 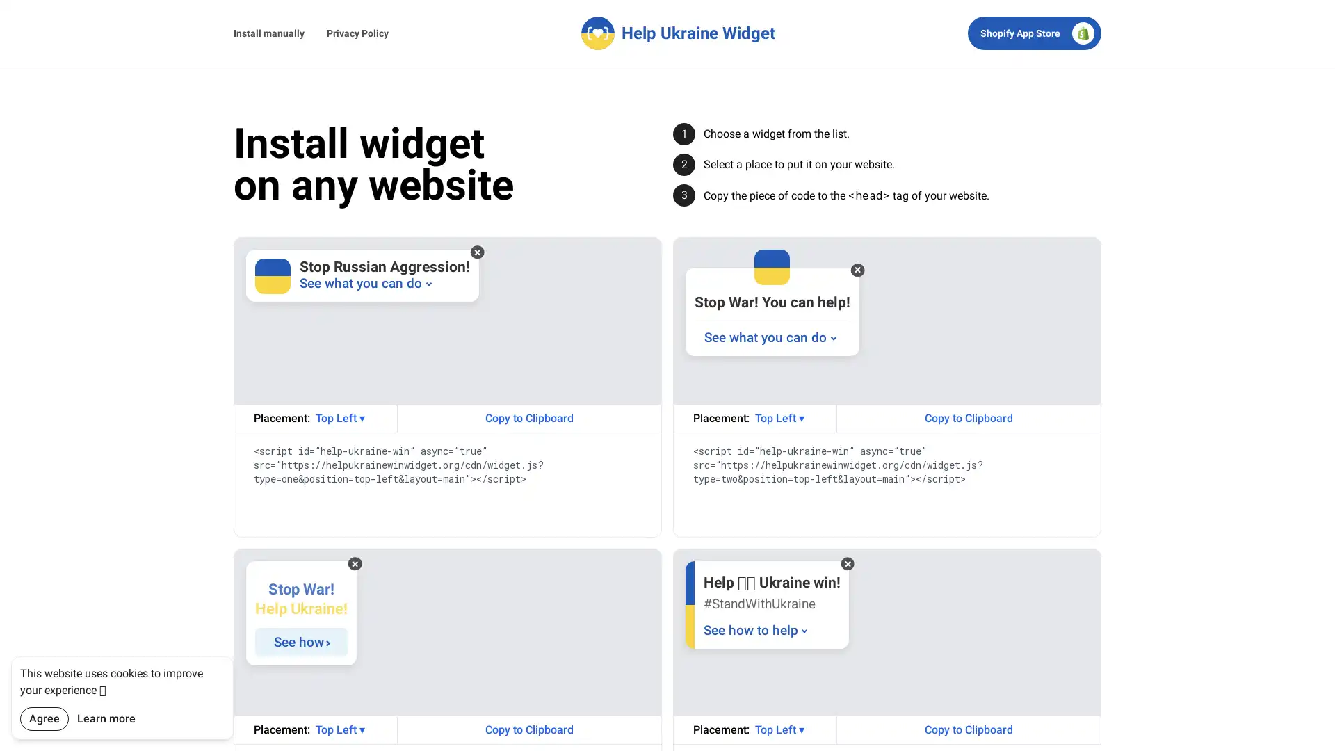 What do you see at coordinates (528, 729) in the screenshot?
I see `Copy to Clipboard` at bounding box center [528, 729].